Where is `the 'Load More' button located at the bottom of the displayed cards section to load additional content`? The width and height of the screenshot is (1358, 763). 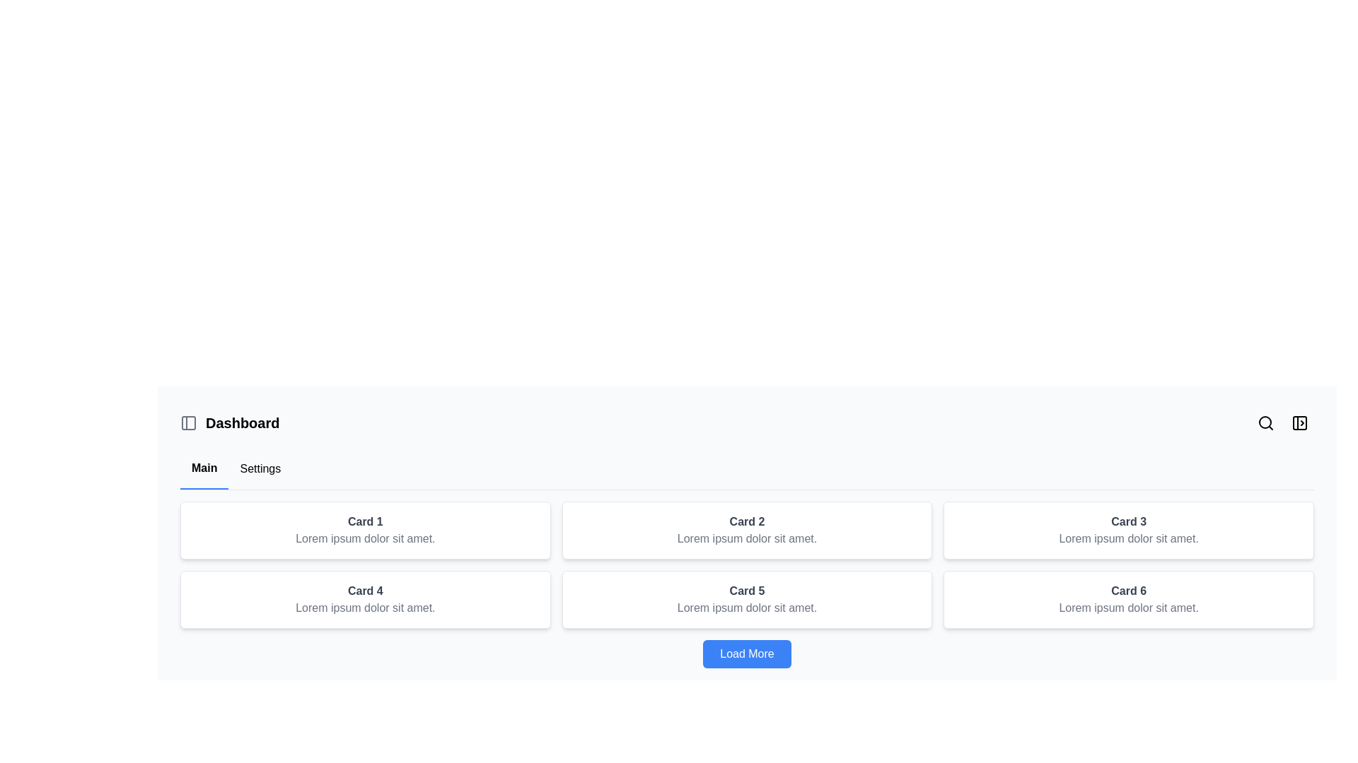
the 'Load More' button located at the bottom of the displayed cards section to load additional content is located at coordinates (746, 653).